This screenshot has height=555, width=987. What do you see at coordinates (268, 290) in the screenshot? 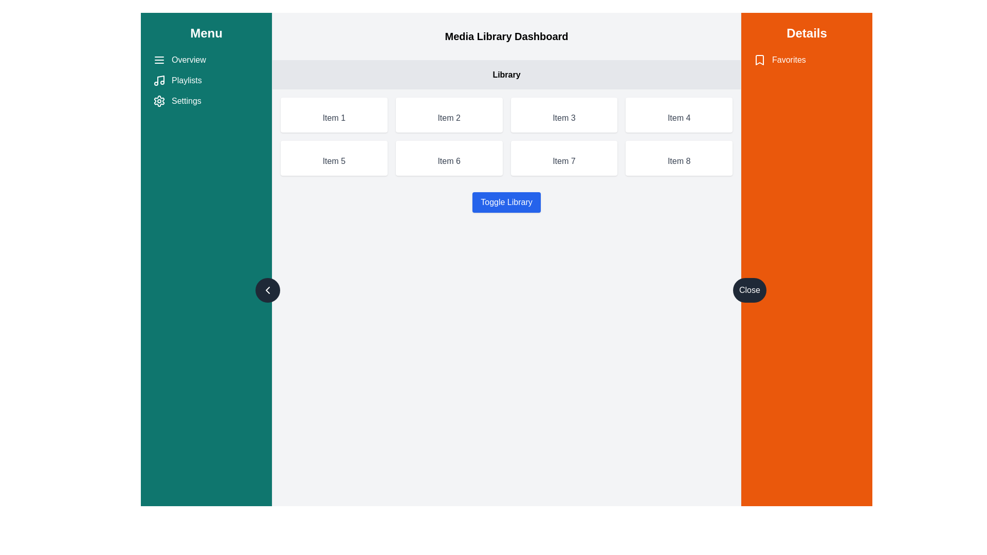
I see `the leftward-pointing chevron icon located in the dark circular button on the left-hand navigation panel` at bounding box center [268, 290].